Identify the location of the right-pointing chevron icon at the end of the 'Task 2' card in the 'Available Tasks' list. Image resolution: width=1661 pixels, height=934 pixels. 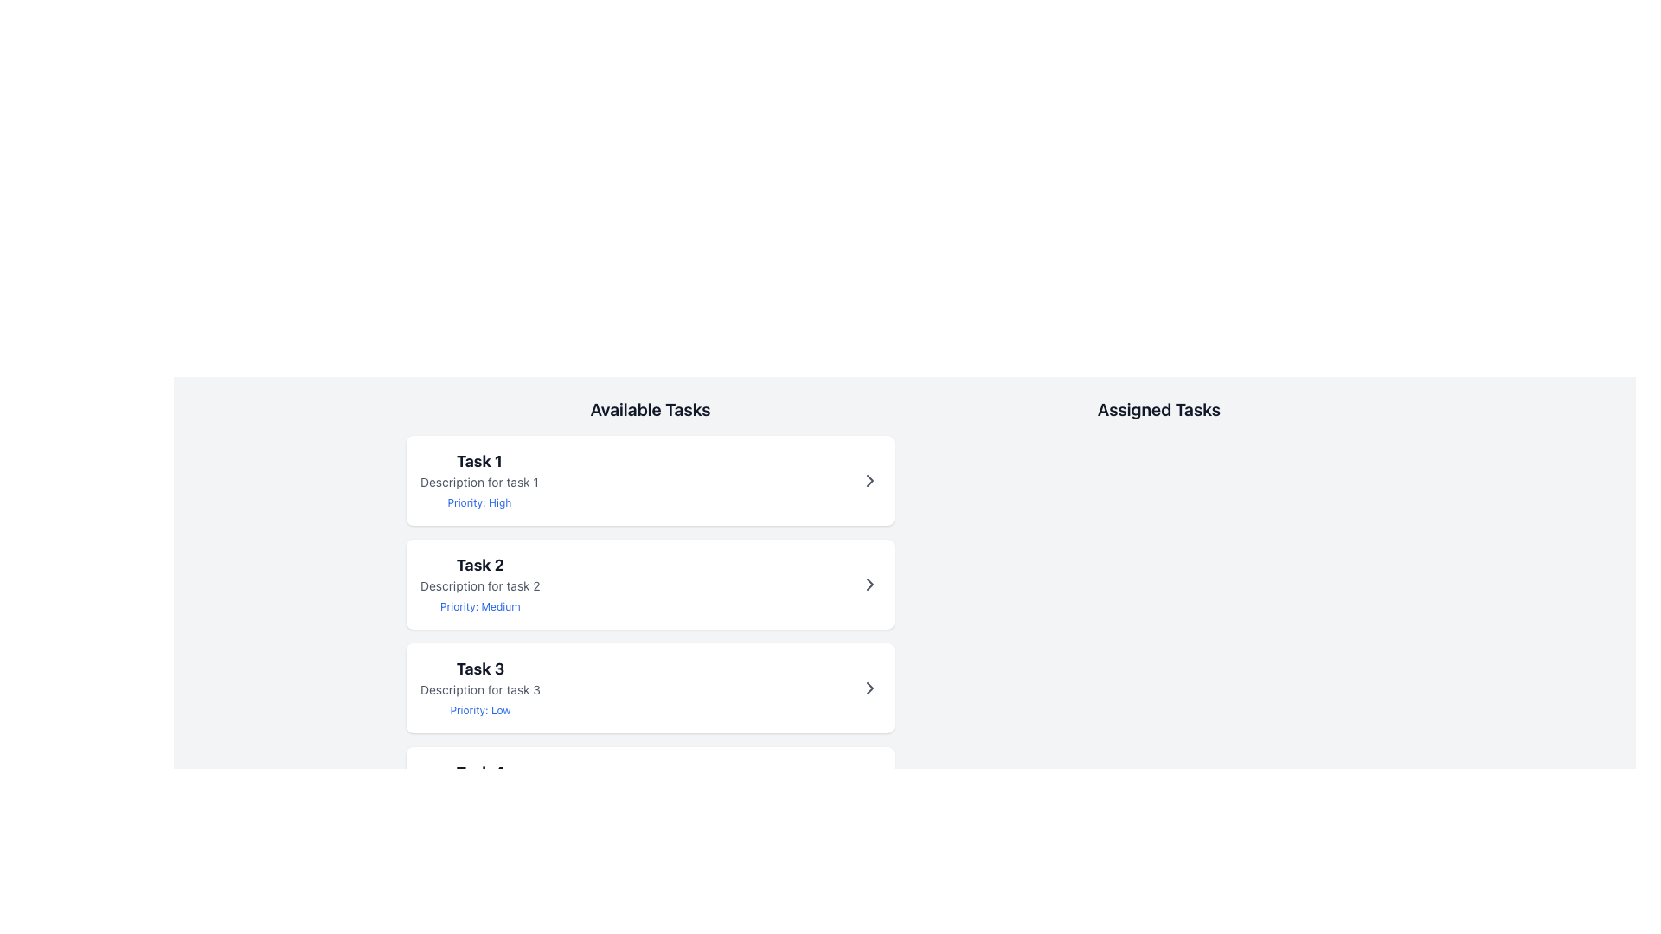
(870, 584).